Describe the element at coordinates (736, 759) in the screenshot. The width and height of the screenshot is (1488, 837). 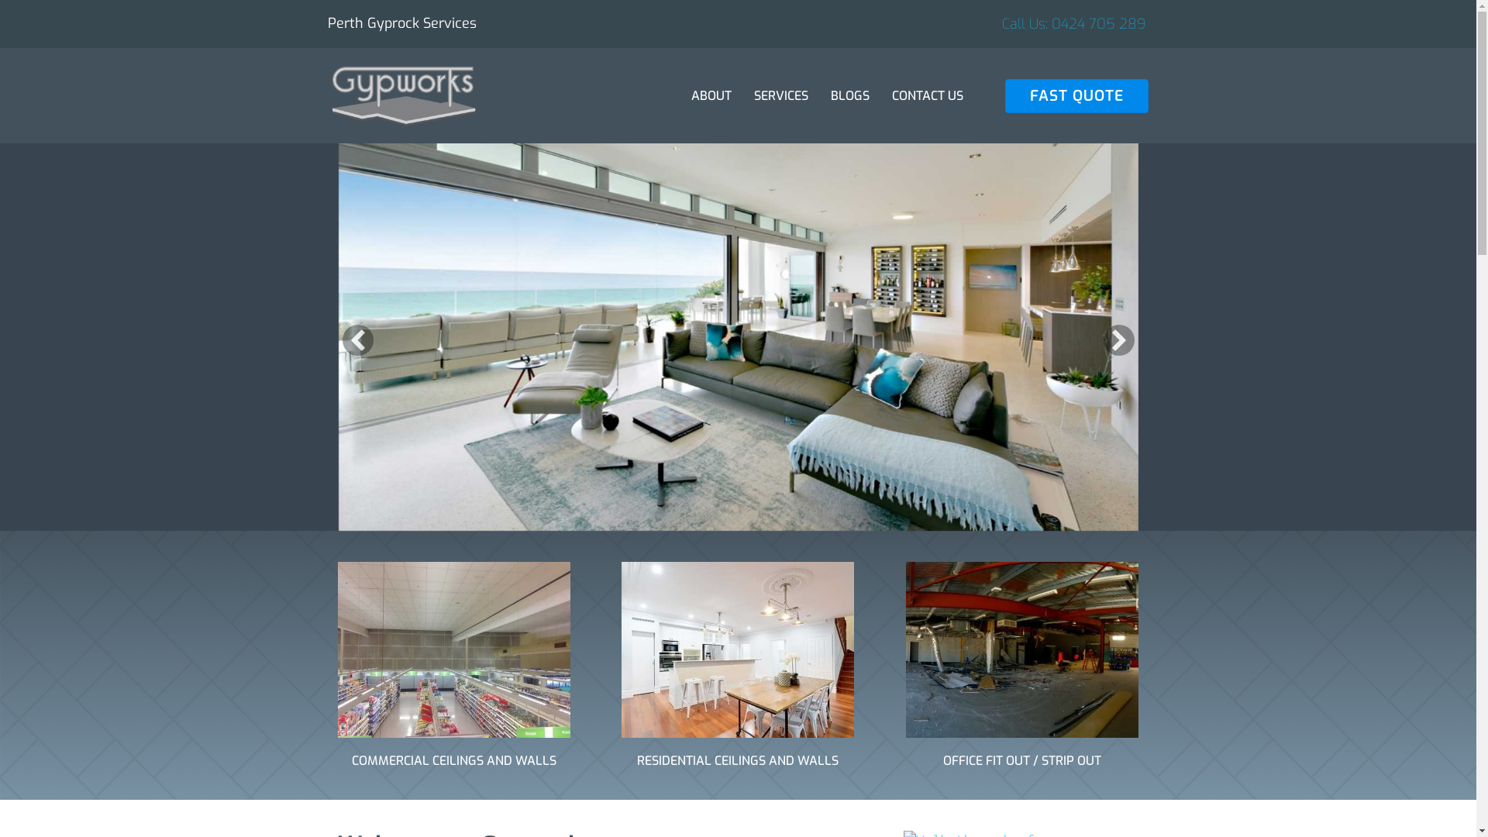
I see `'RESIDENTIAL CEILINGS AND WALLS'` at that location.